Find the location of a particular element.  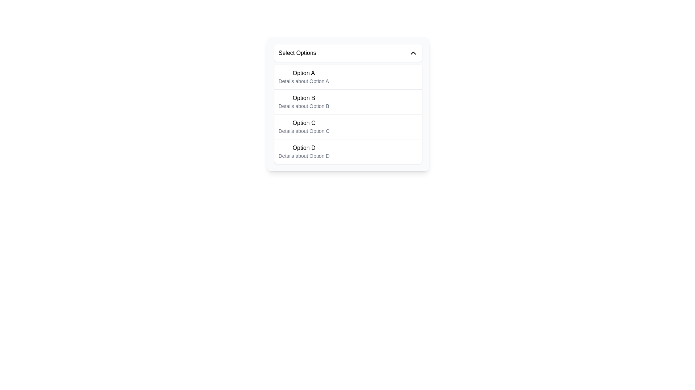

the fourth option in the dropdown menu labeled 'Select Options' is located at coordinates (304, 151).